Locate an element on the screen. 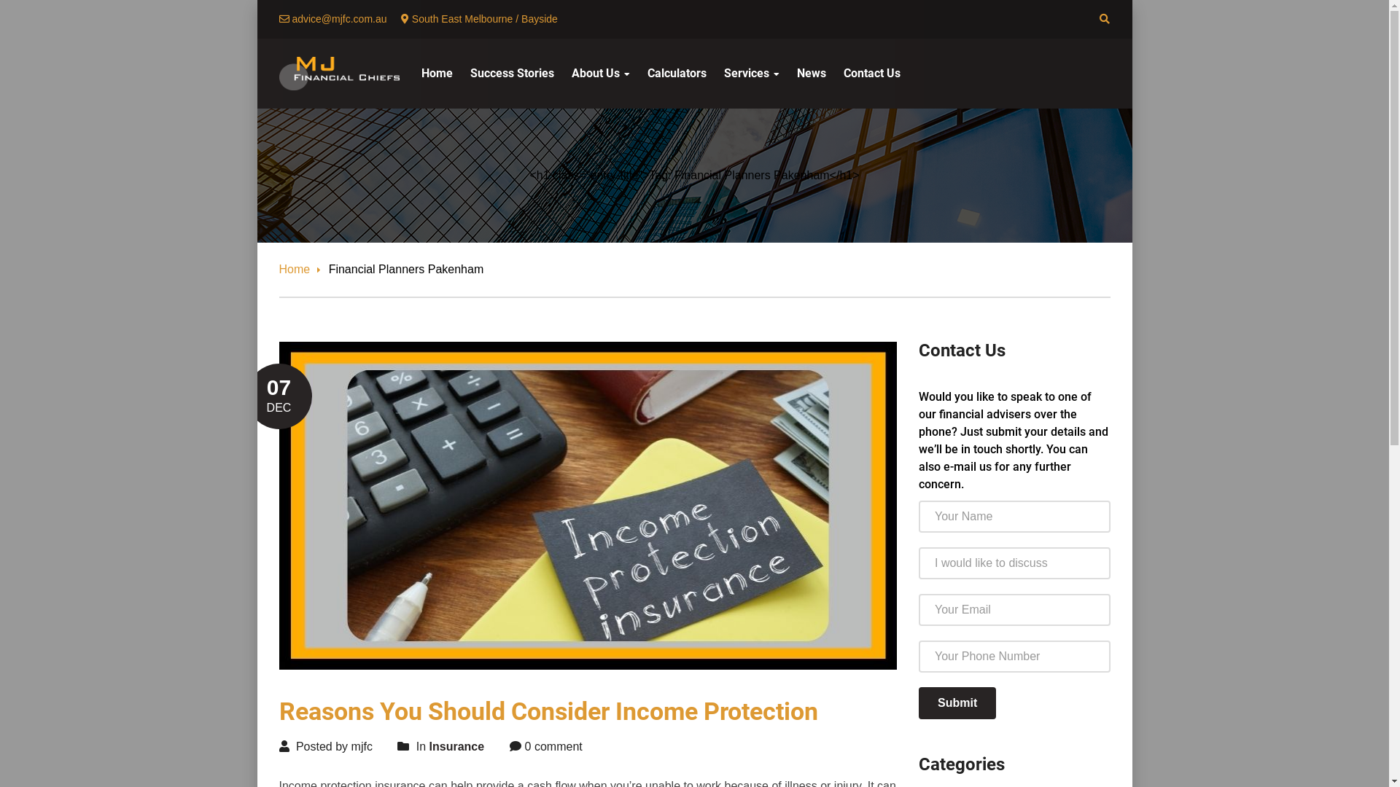  'Insurance' is located at coordinates (456, 746).